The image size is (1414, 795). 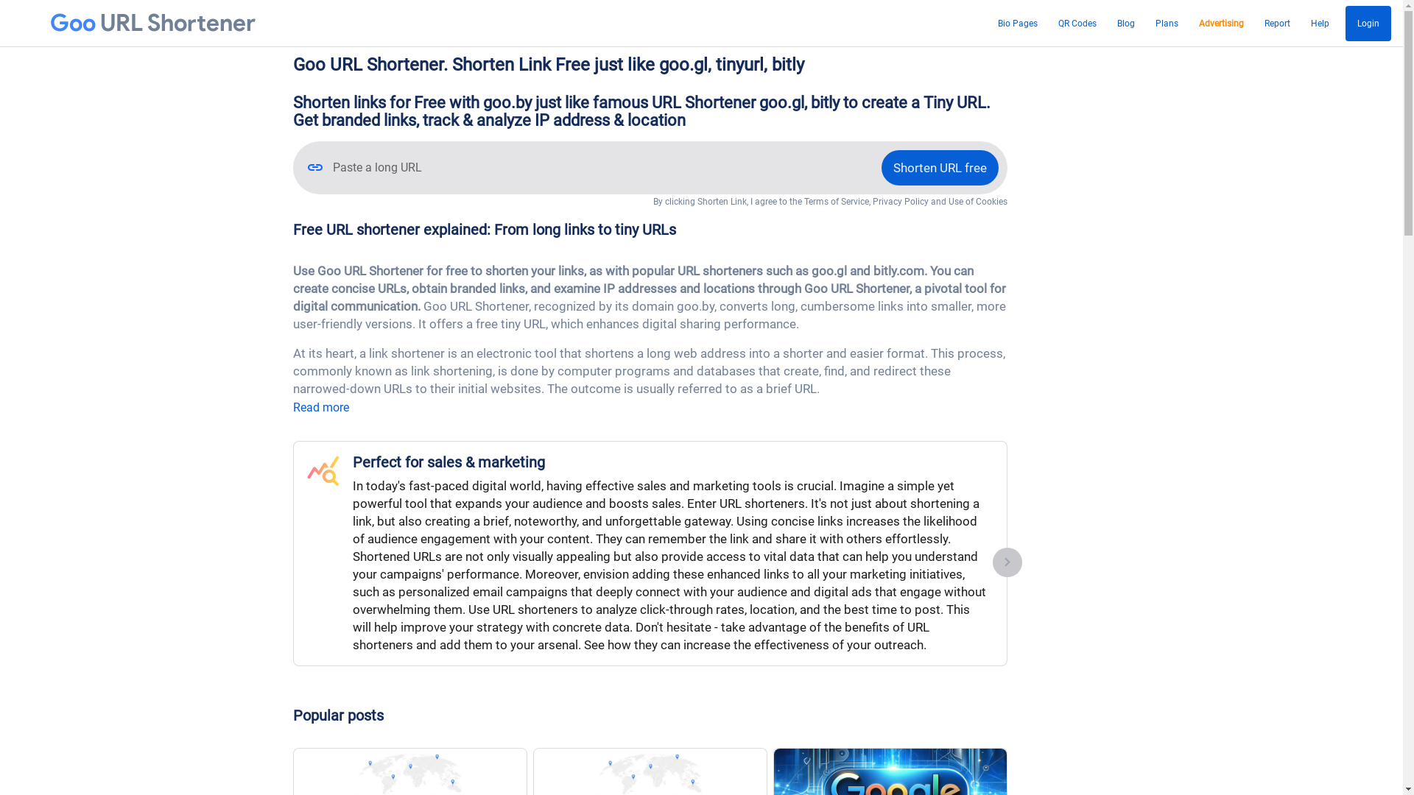 I want to click on 'Shorten URL free', so click(x=938, y=166).